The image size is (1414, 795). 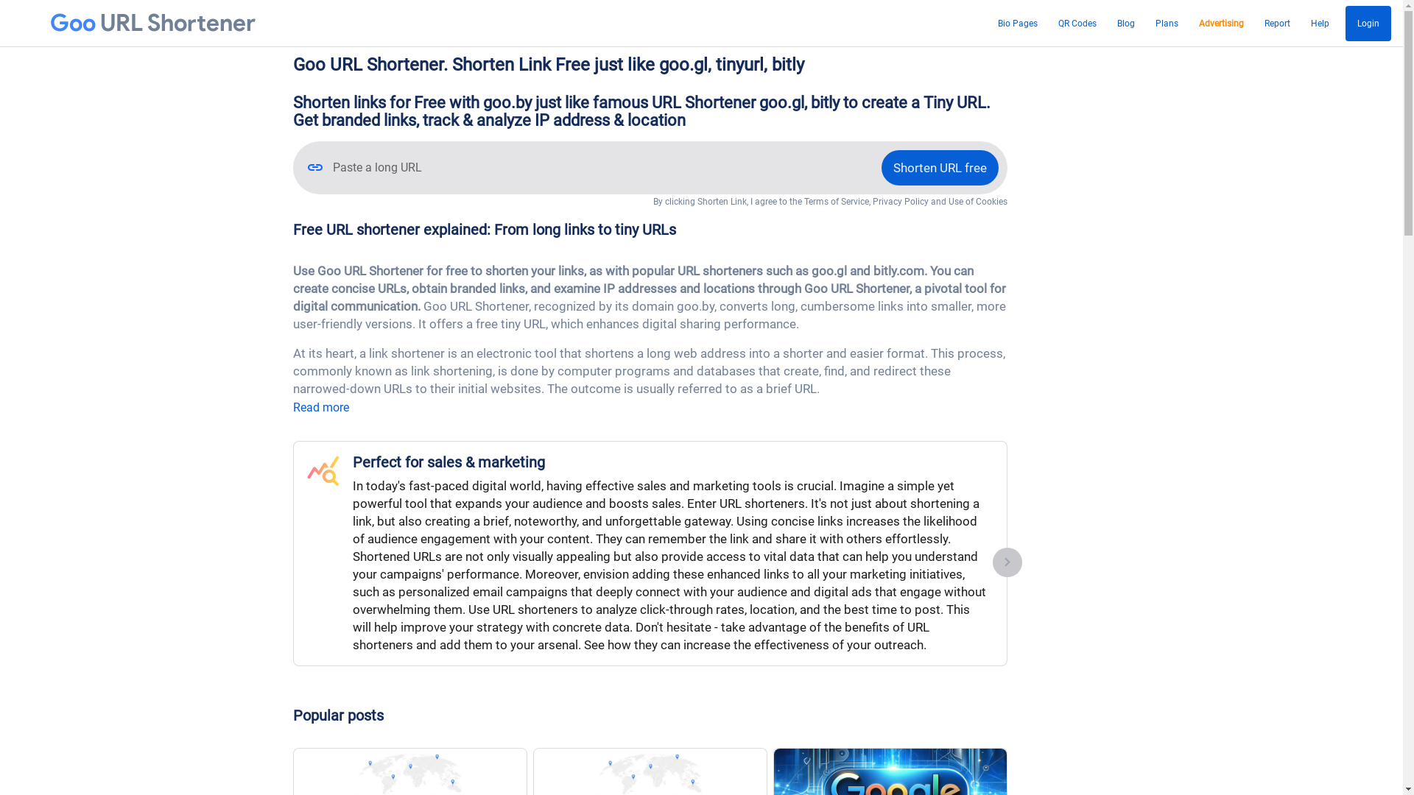 I want to click on 'Shorten URL free', so click(x=938, y=166).